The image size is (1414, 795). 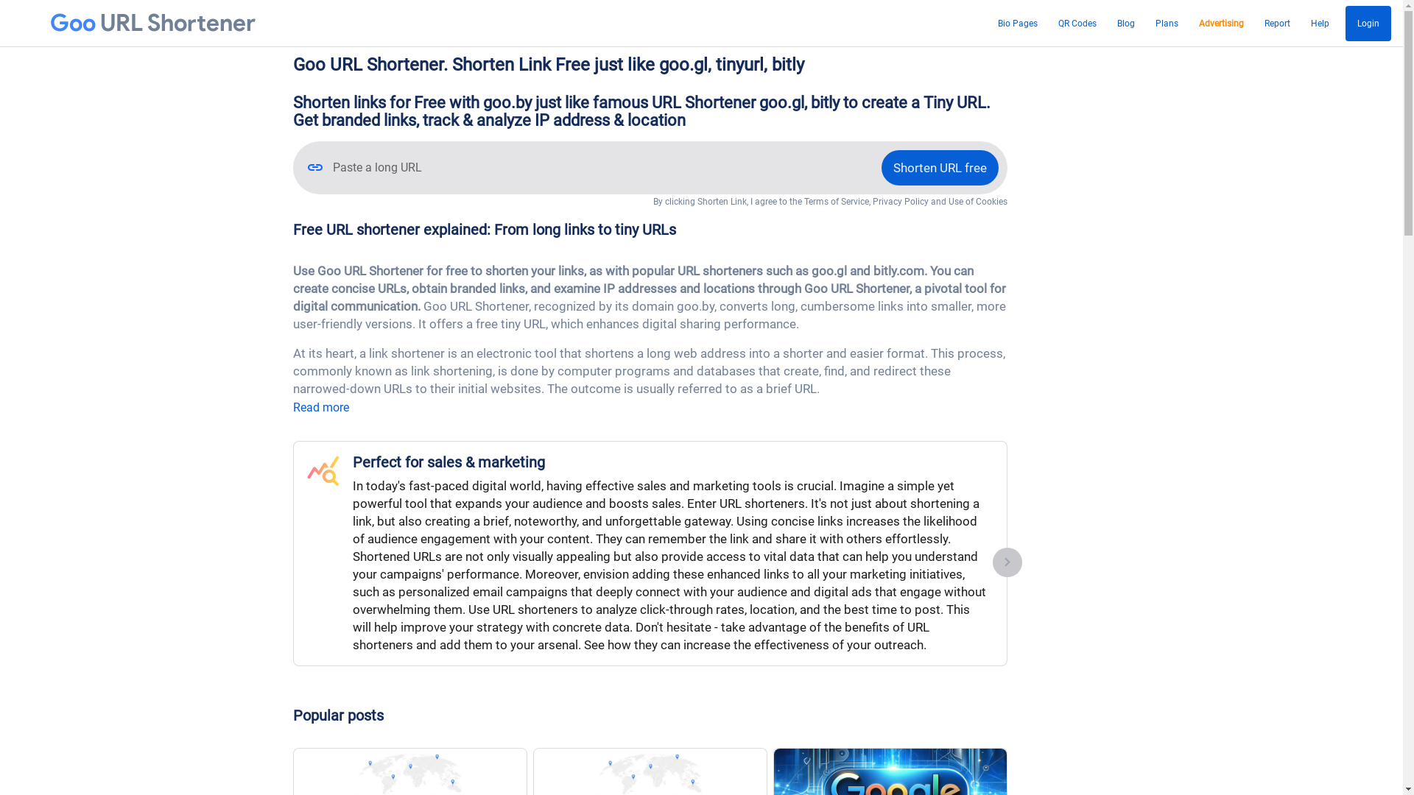 I want to click on 'Shorten URL free', so click(x=938, y=166).